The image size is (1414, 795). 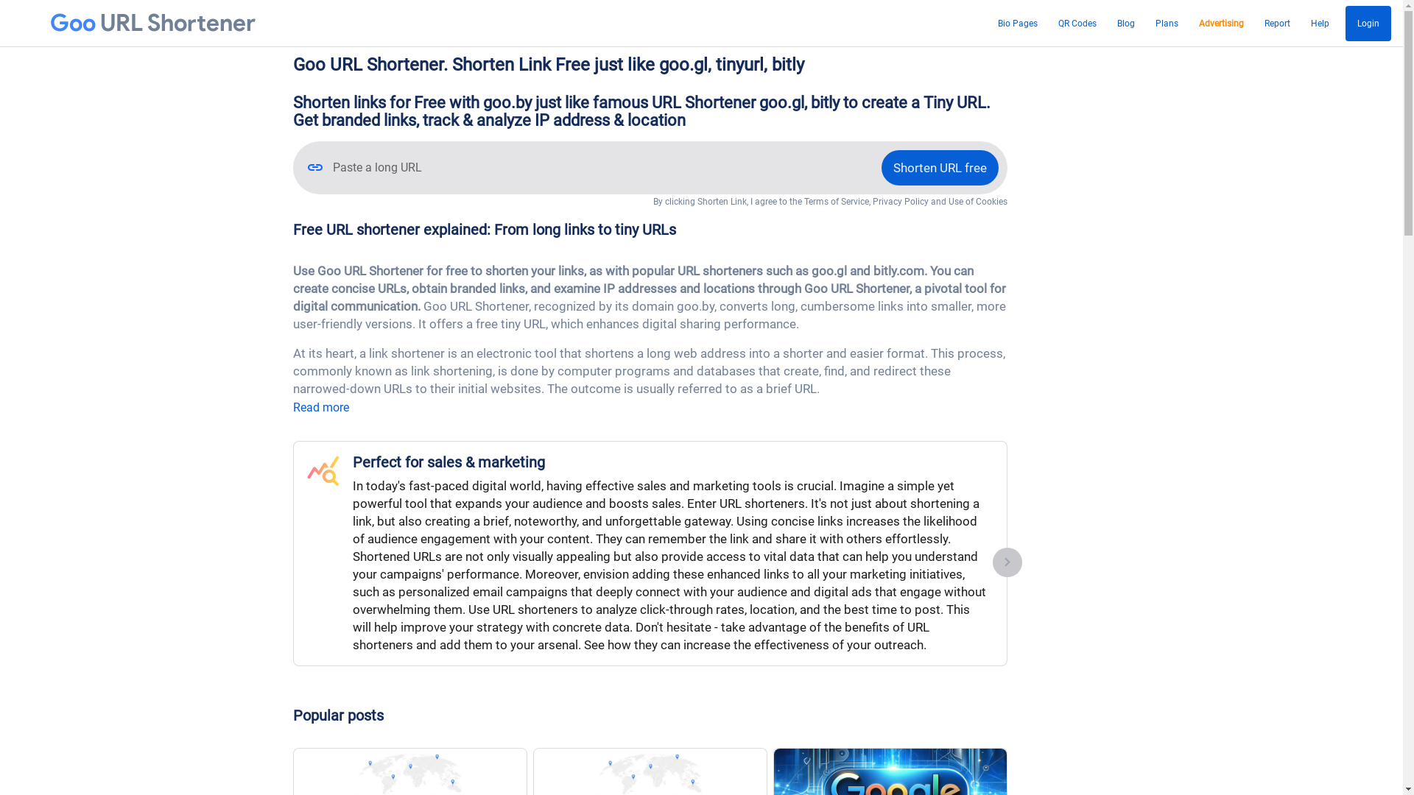 I want to click on 'Shorten URL free', so click(x=938, y=166).